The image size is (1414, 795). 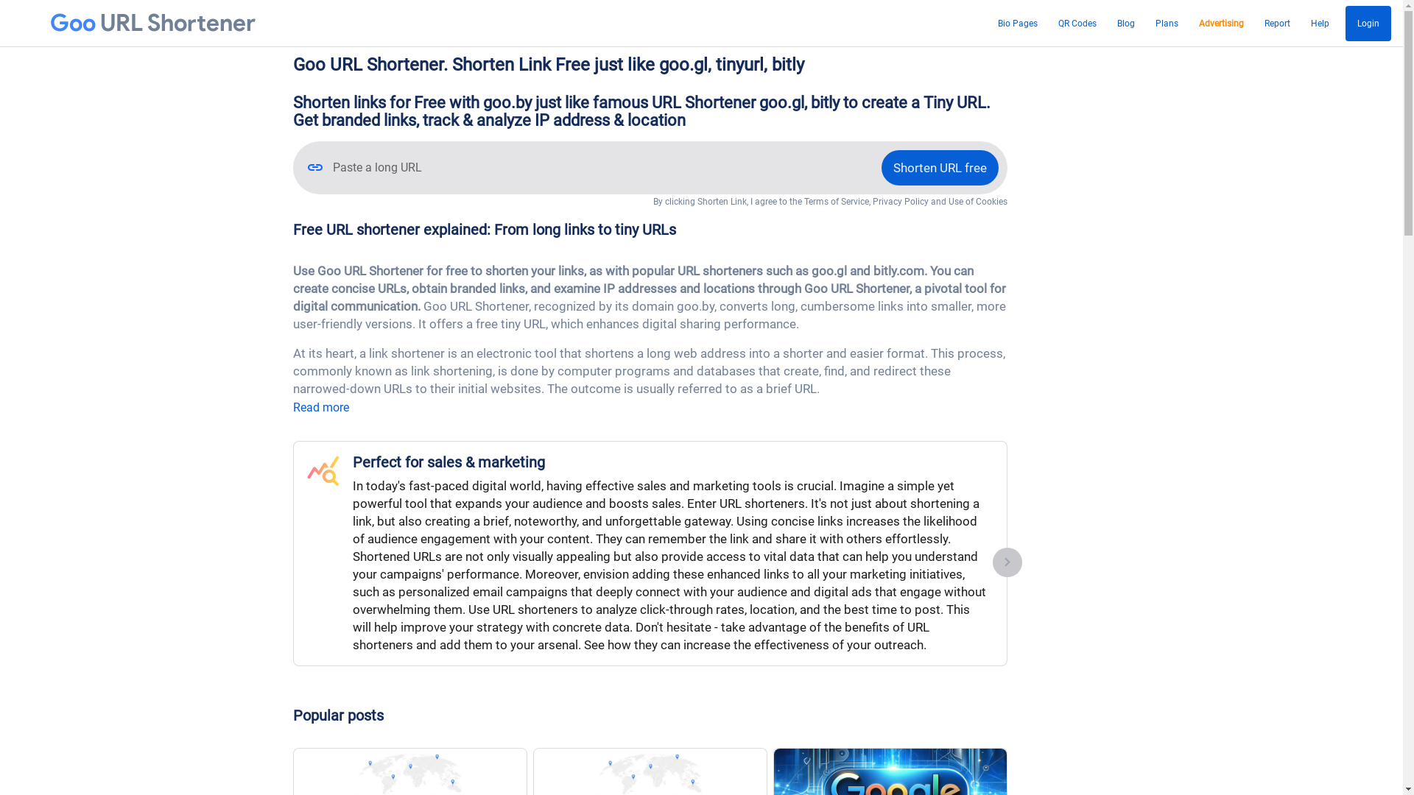 I want to click on 'Shorten URL free', so click(x=938, y=166).